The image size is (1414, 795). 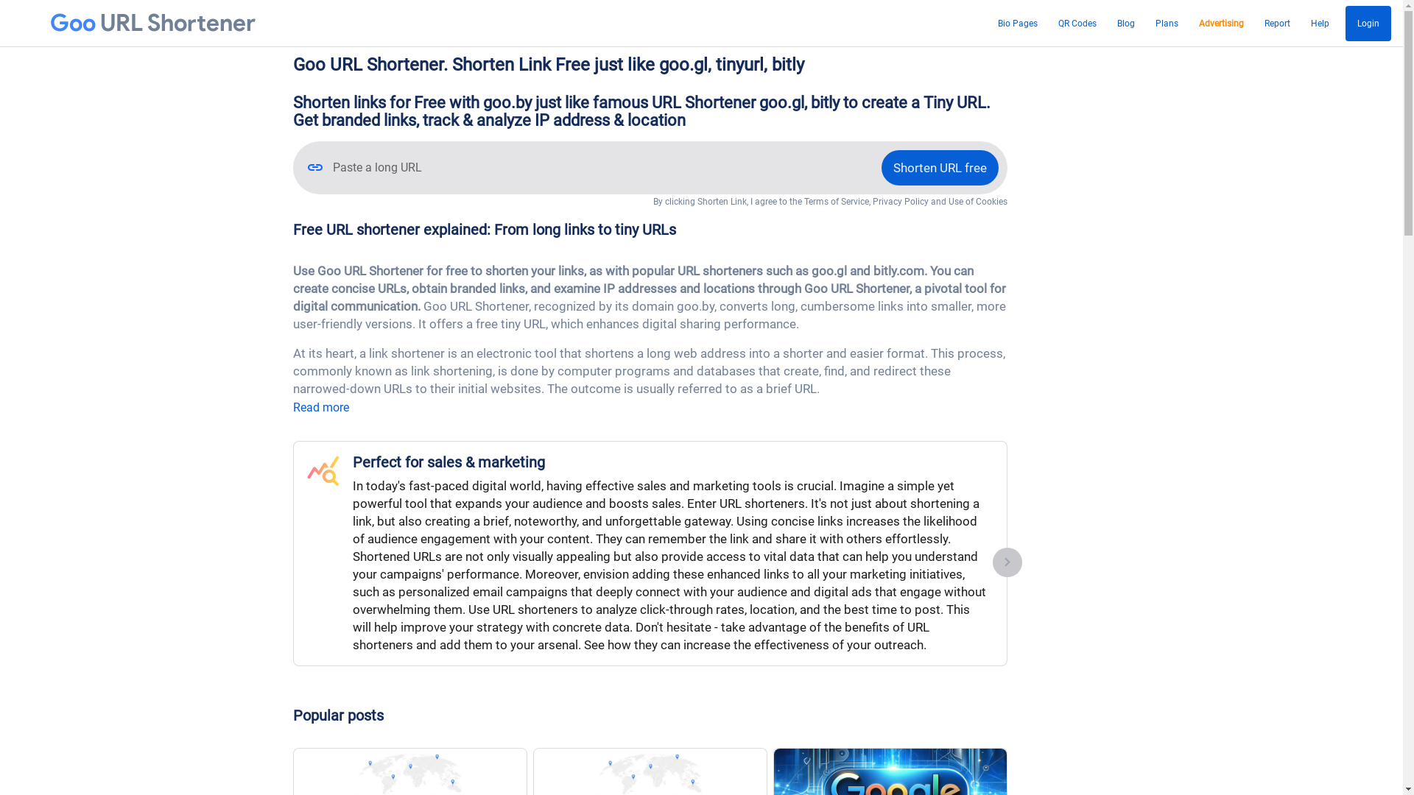 I want to click on 'Shorten URL free', so click(x=938, y=166).